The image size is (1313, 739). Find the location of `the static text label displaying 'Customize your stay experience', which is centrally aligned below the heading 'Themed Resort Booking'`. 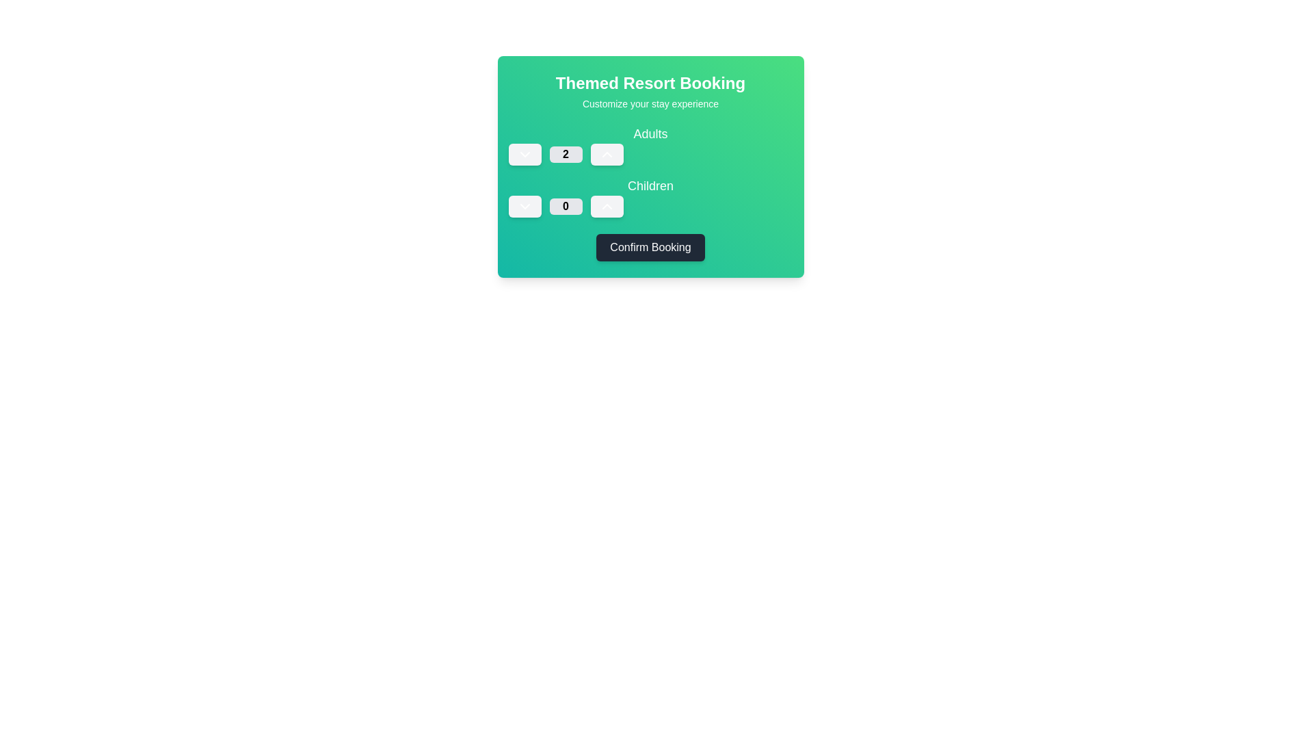

the static text label displaying 'Customize your stay experience', which is centrally aligned below the heading 'Themed Resort Booking' is located at coordinates (650, 103).